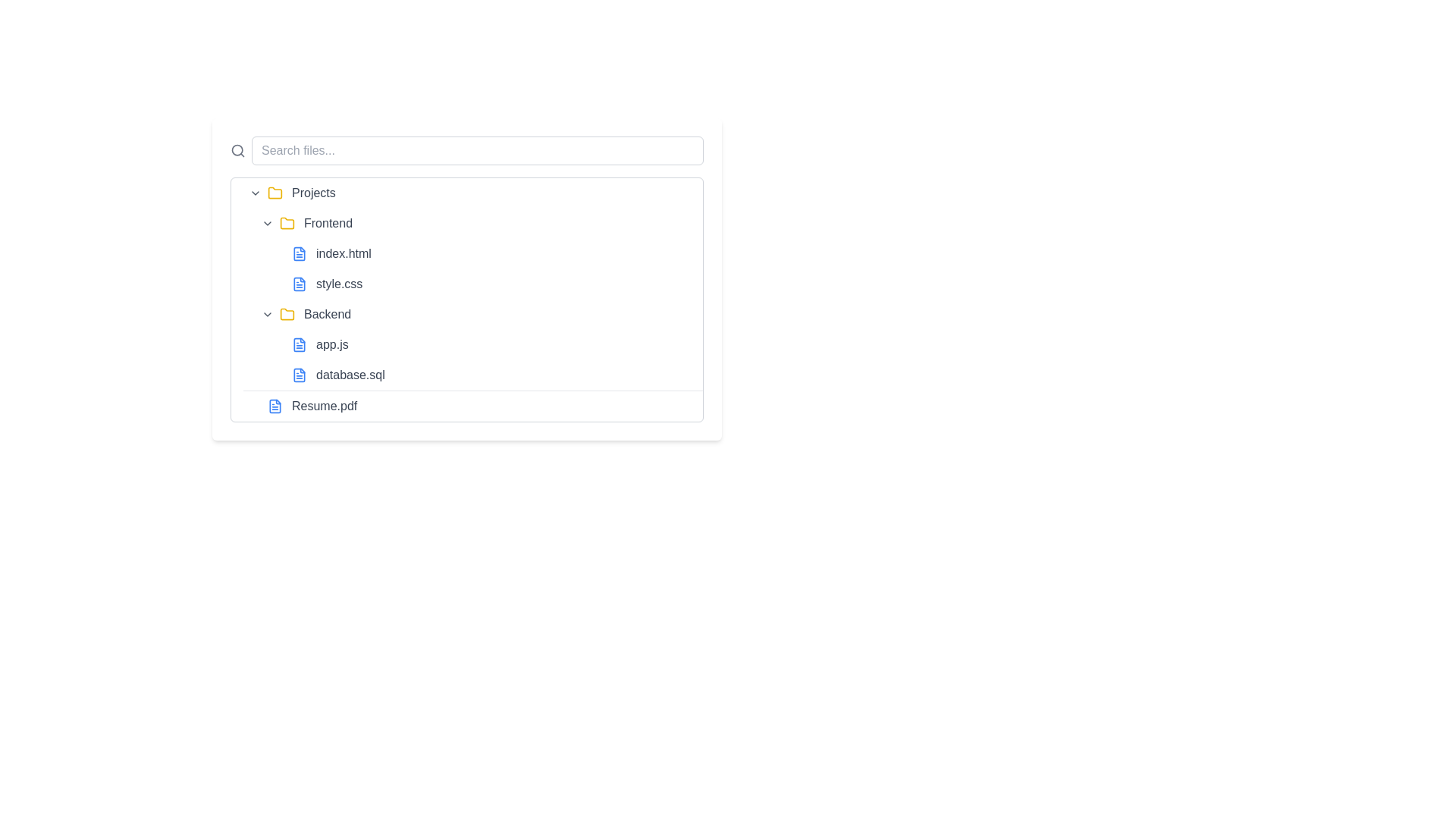 Image resolution: width=1456 pixels, height=819 pixels. What do you see at coordinates (299, 375) in the screenshot?
I see `the blue-colored file icon that represents a document` at bounding box center [299, 375].